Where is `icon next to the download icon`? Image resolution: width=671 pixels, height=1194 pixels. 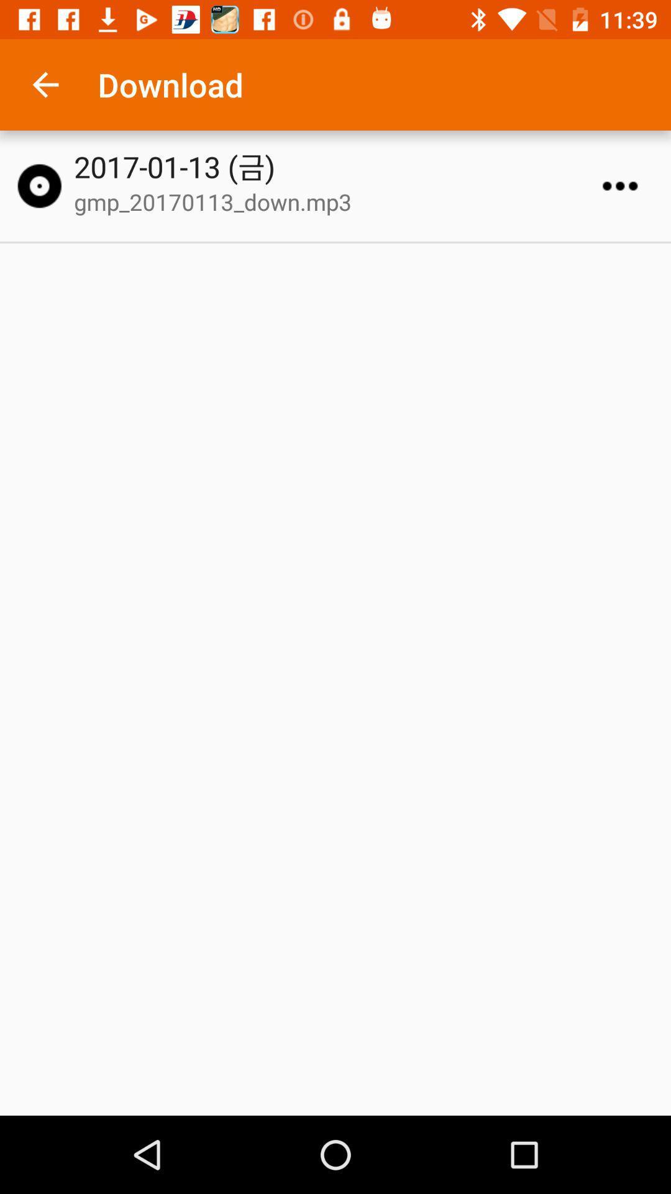
icon next to the download icon is located at coordinates (45, 84).